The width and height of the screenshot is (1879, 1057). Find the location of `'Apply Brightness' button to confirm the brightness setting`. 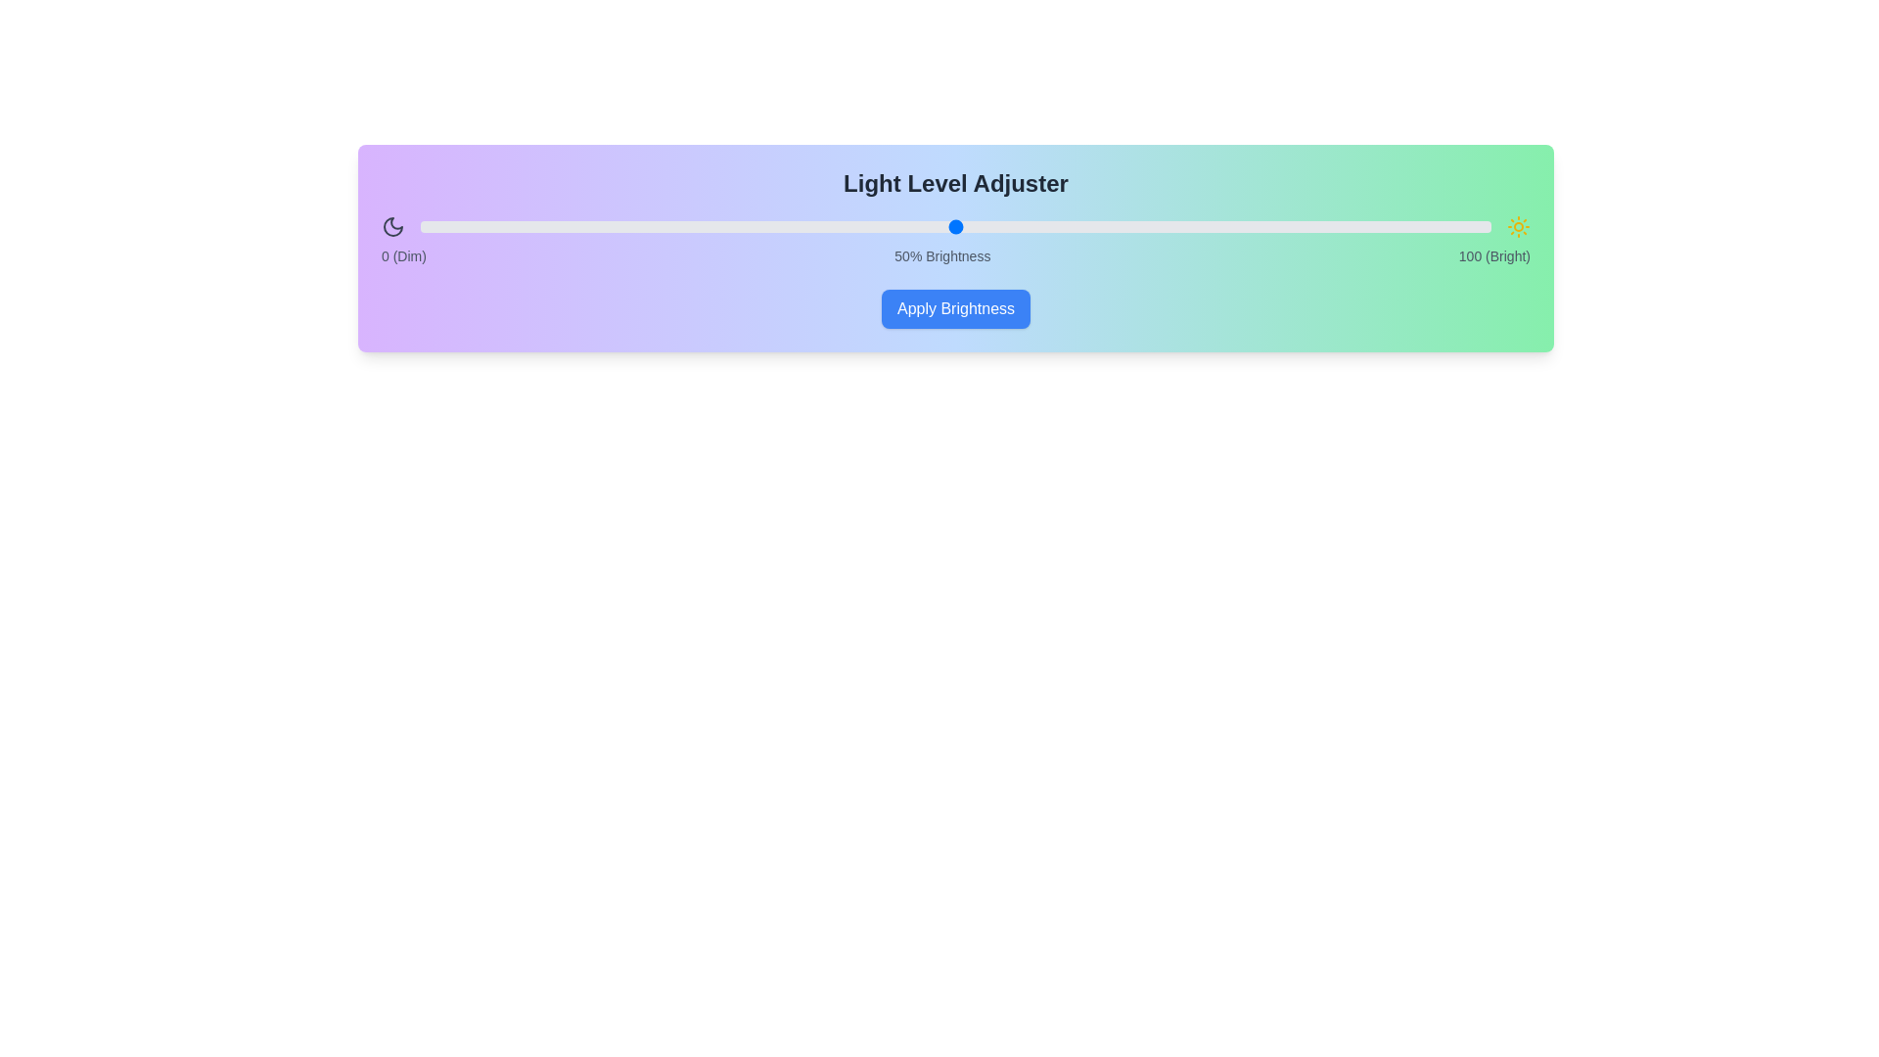

'Apply Brightness' button to confirm the brightness setting is located at coordinates (956, 308).